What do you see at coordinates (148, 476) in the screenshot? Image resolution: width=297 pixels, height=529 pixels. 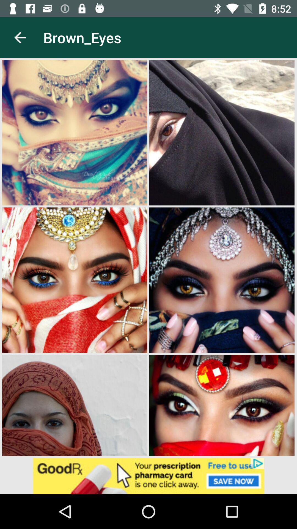 I see `advertisement` at bounding box center [148, 476].